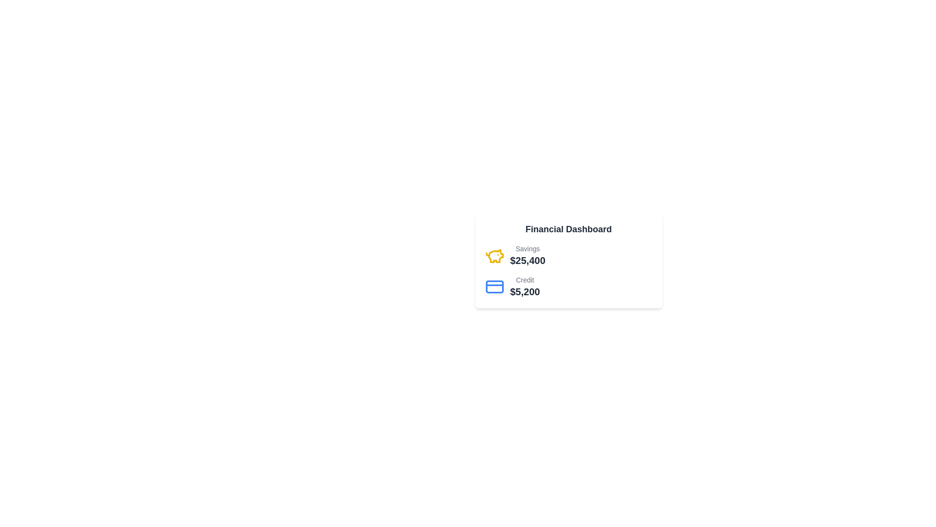  I want to click on displayed monetary value of the user's current credit balance located below the 'Credit' label in the financial dashboard, so click(525, 291).